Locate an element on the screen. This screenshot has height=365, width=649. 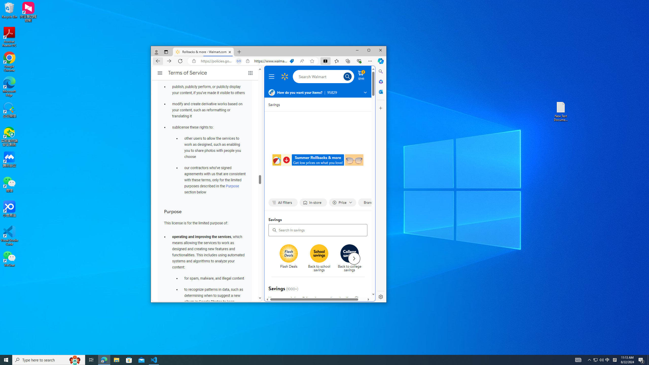
'Microsoft Edge' is located at coordinates (9, 86).